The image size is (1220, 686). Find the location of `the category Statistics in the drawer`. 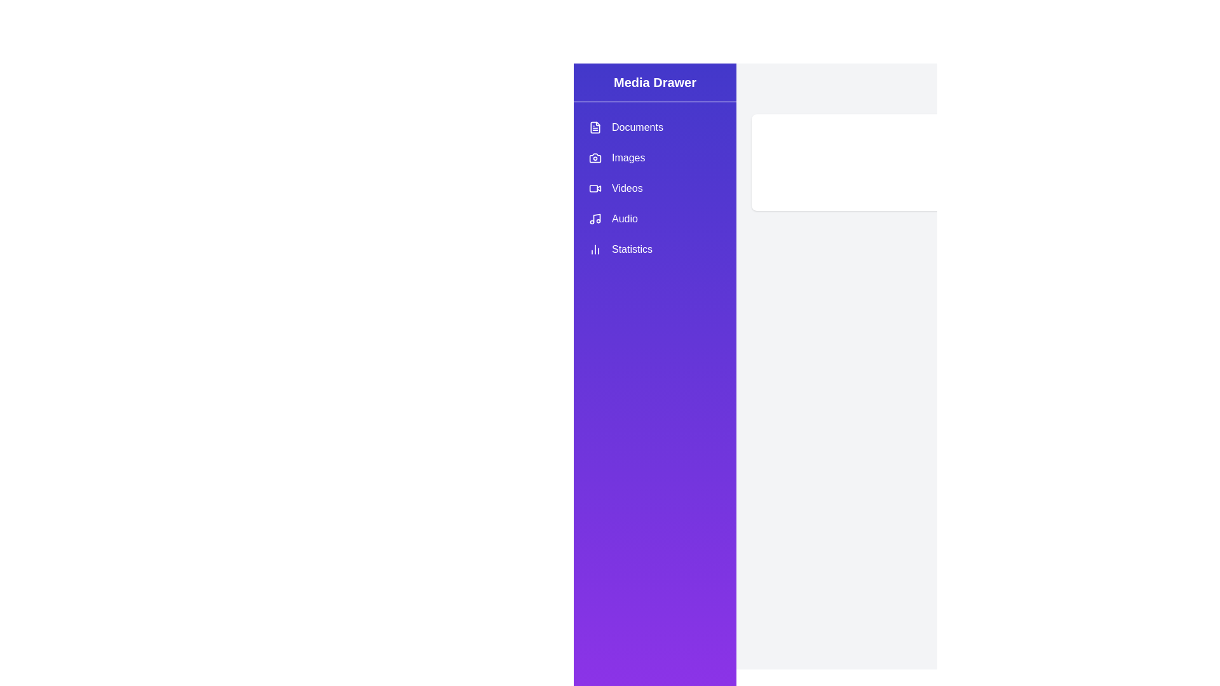

the category Statistics in the drawer is located at coordinates (655, 250).